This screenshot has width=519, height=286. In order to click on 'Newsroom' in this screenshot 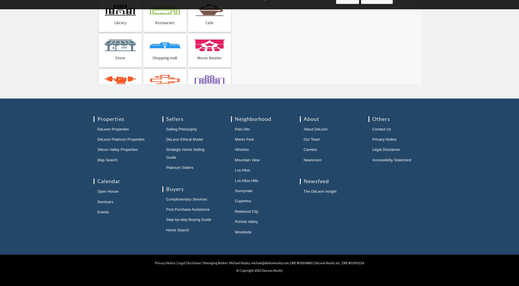, I will do `click(312, 159)`.